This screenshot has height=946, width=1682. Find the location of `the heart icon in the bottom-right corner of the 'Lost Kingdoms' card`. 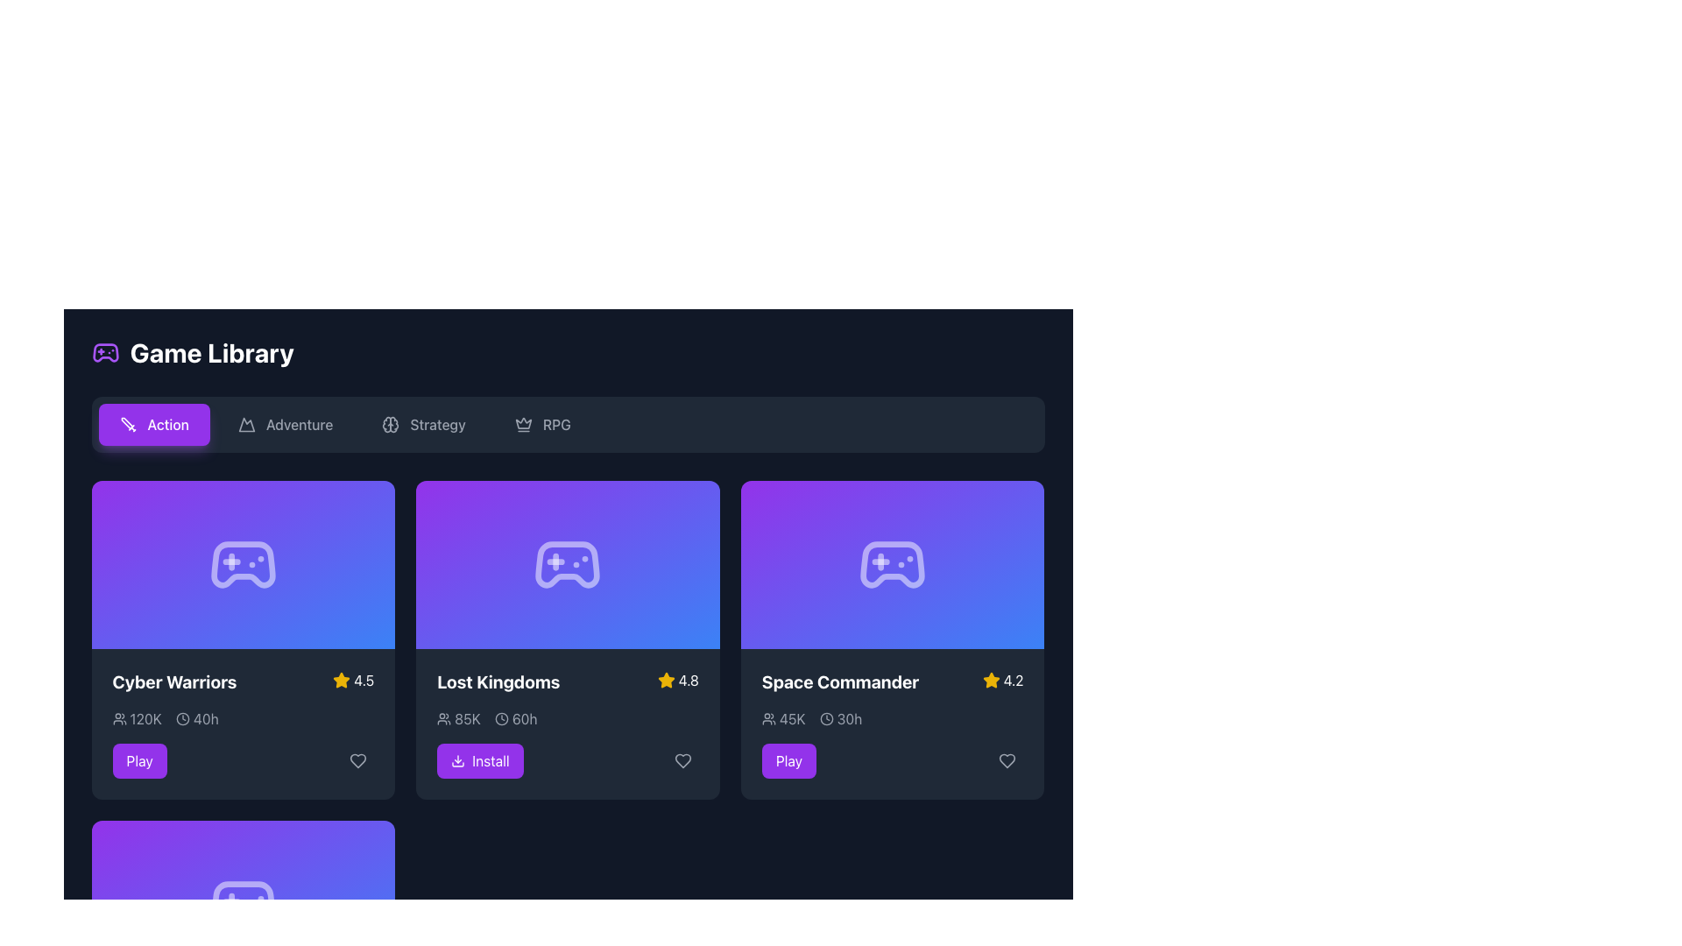

the heart icon in the bottom-right corner of the 'Lost Kingdoms' card is located at coordinates (682, 759).